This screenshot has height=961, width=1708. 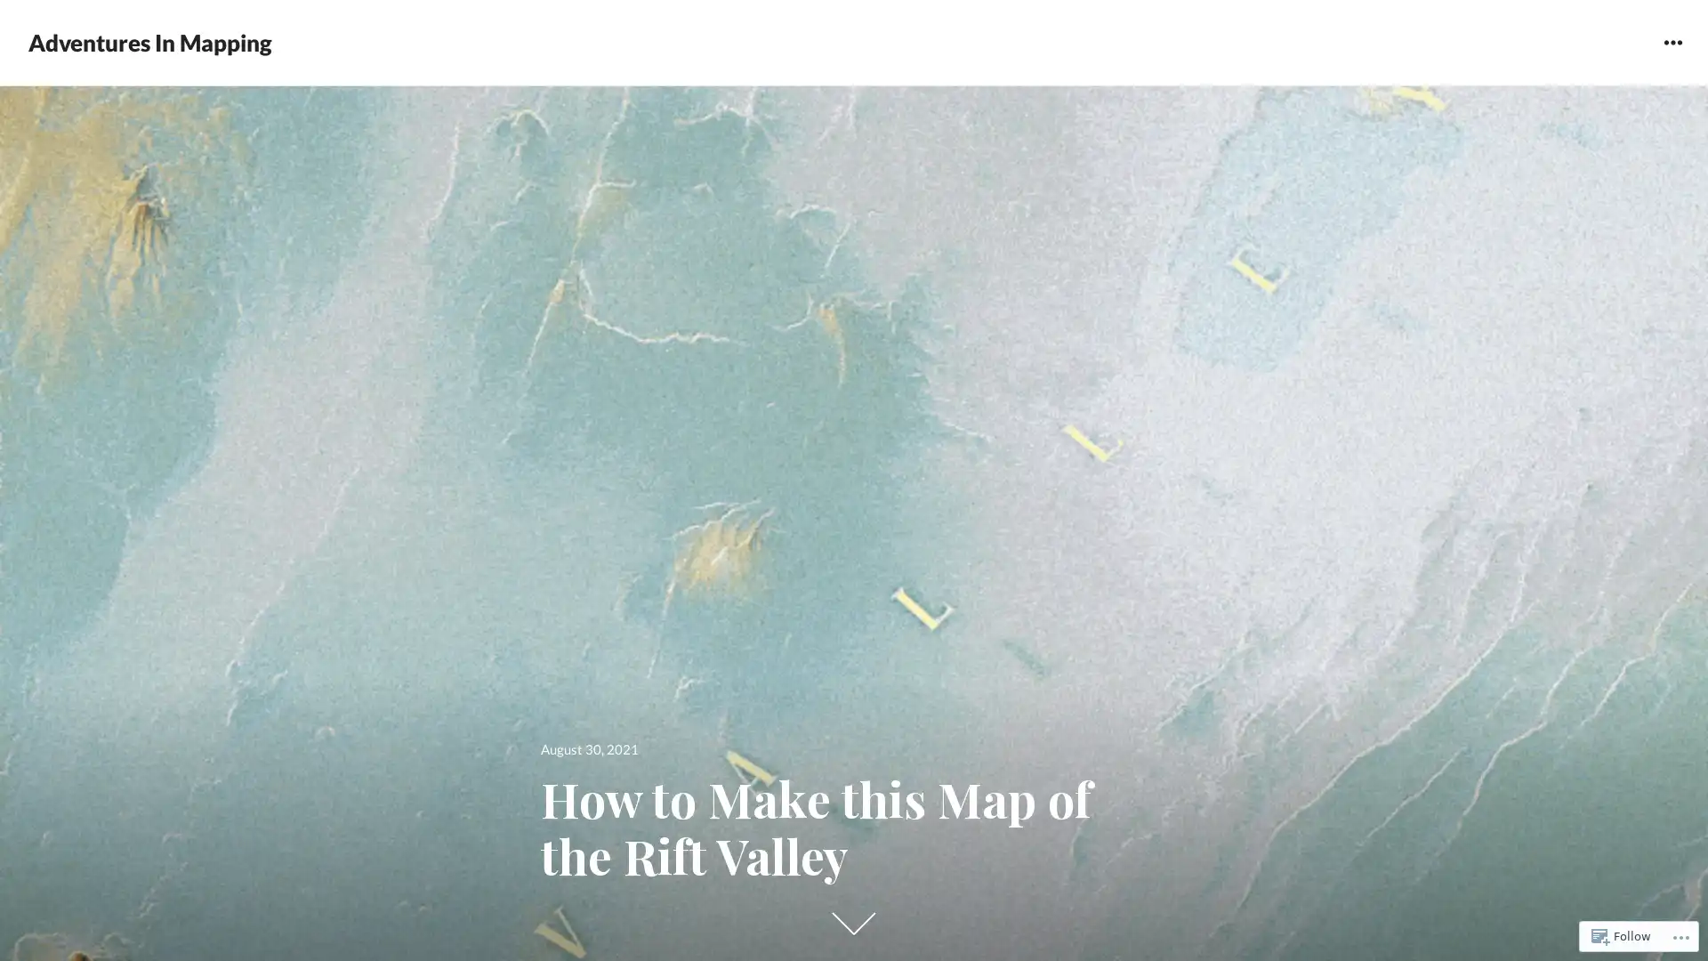 What do you see at coordinates (1672, 41) in the screenshot?
I see `WIDGETS` at bounding box center [1672, 41].